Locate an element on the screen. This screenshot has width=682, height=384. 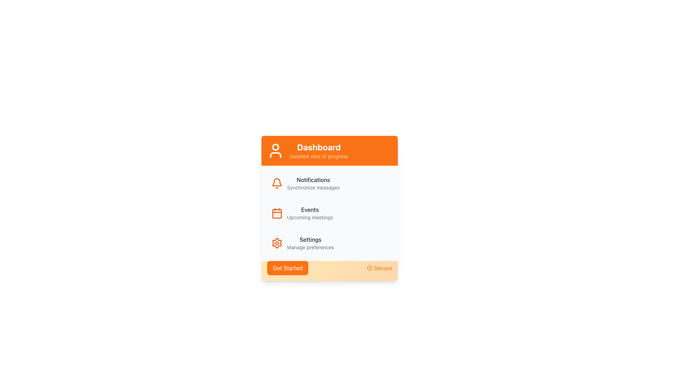
the user icon styled in white on an orange background, located at the top-left corner of the 'Dashboard' card component is located at coordinates (275, 150).